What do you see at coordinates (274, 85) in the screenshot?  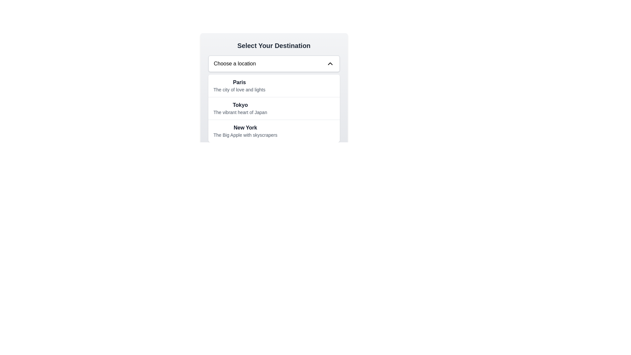 I see `to select the list item 'Paris', which is the first item in the dropdown menu labeled 'Choose a location'` at bounding box center [274, 85].